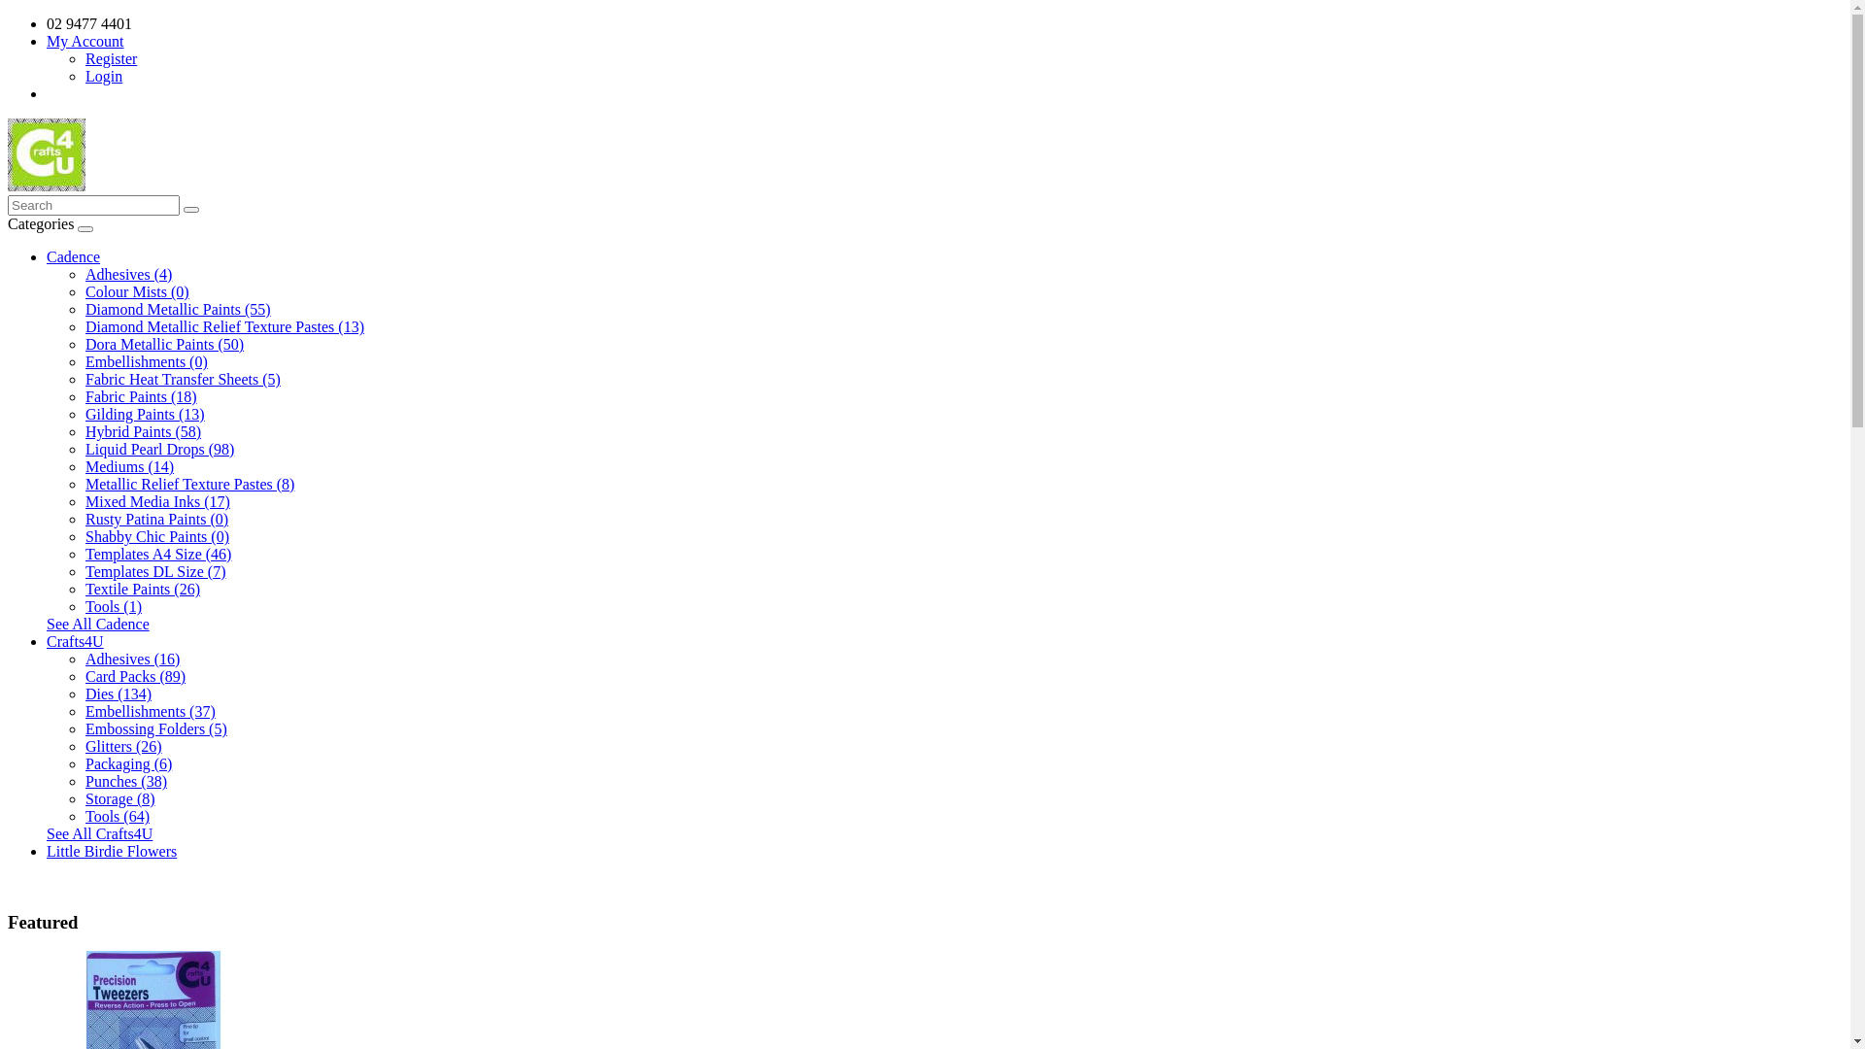 The image size is (1865, 1049). I want to click on 'Gilding Paints (13)', so click(144, 413).